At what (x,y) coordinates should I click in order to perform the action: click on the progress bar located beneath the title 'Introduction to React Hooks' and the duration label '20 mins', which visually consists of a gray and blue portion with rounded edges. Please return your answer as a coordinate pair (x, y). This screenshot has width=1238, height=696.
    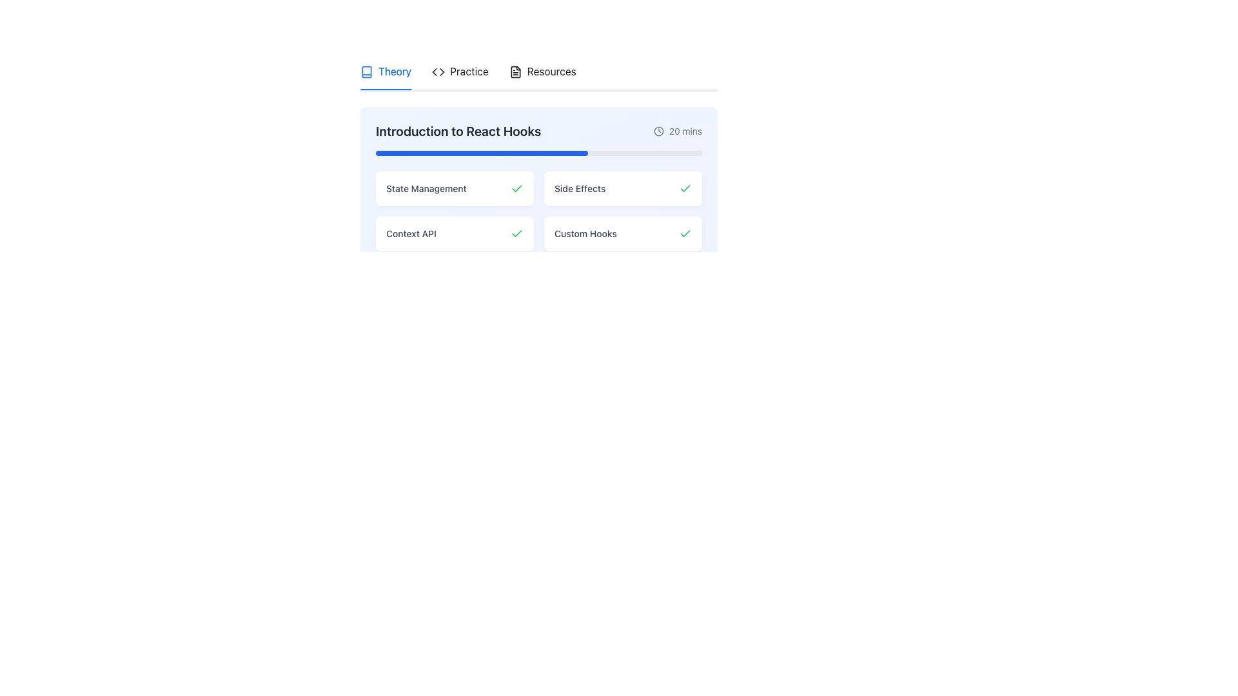
    Looking at the image, I should click on (538, 153).